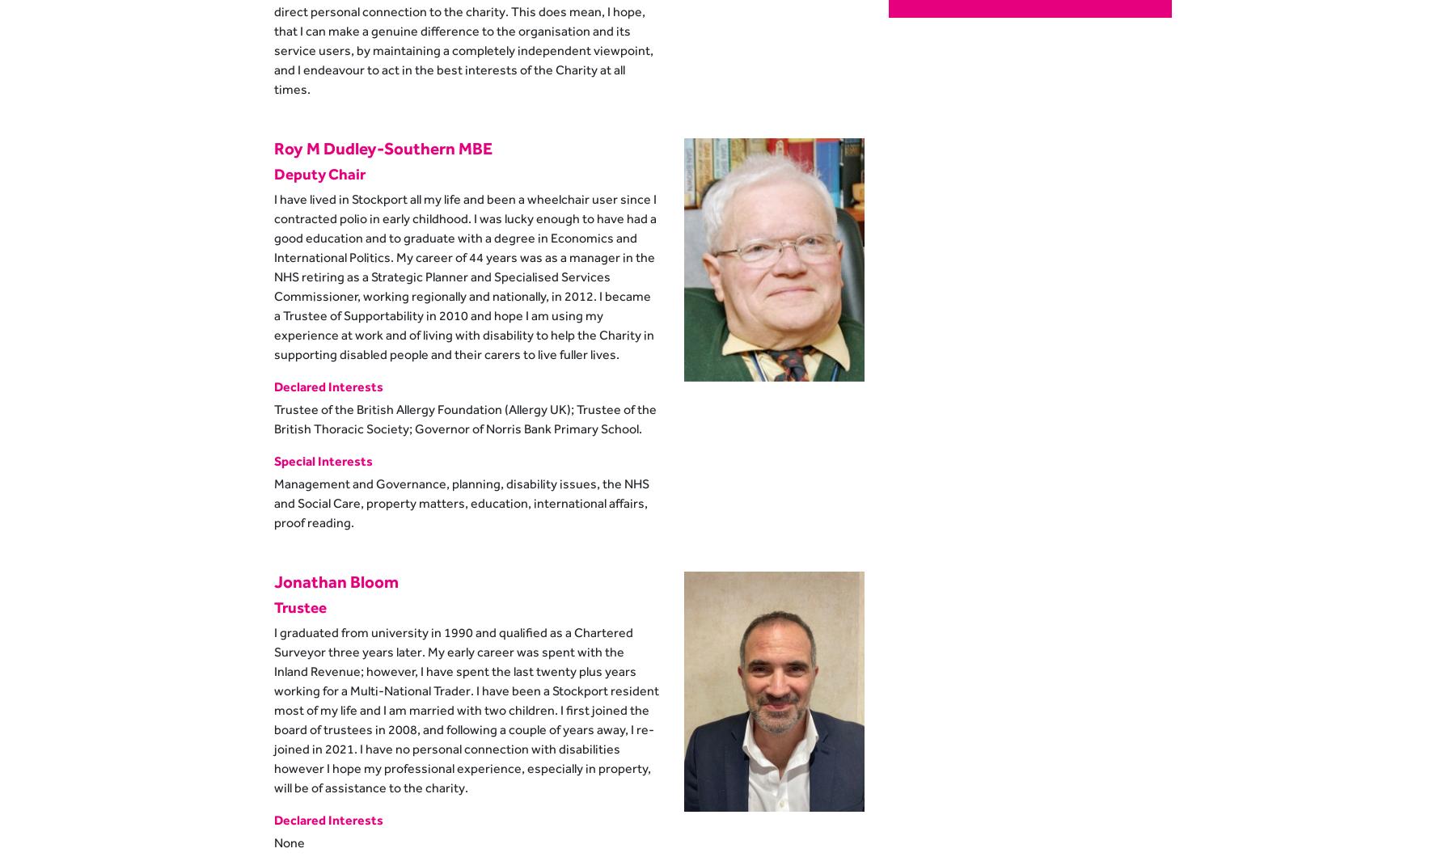  I want to click on 'None', so click(288, 841).